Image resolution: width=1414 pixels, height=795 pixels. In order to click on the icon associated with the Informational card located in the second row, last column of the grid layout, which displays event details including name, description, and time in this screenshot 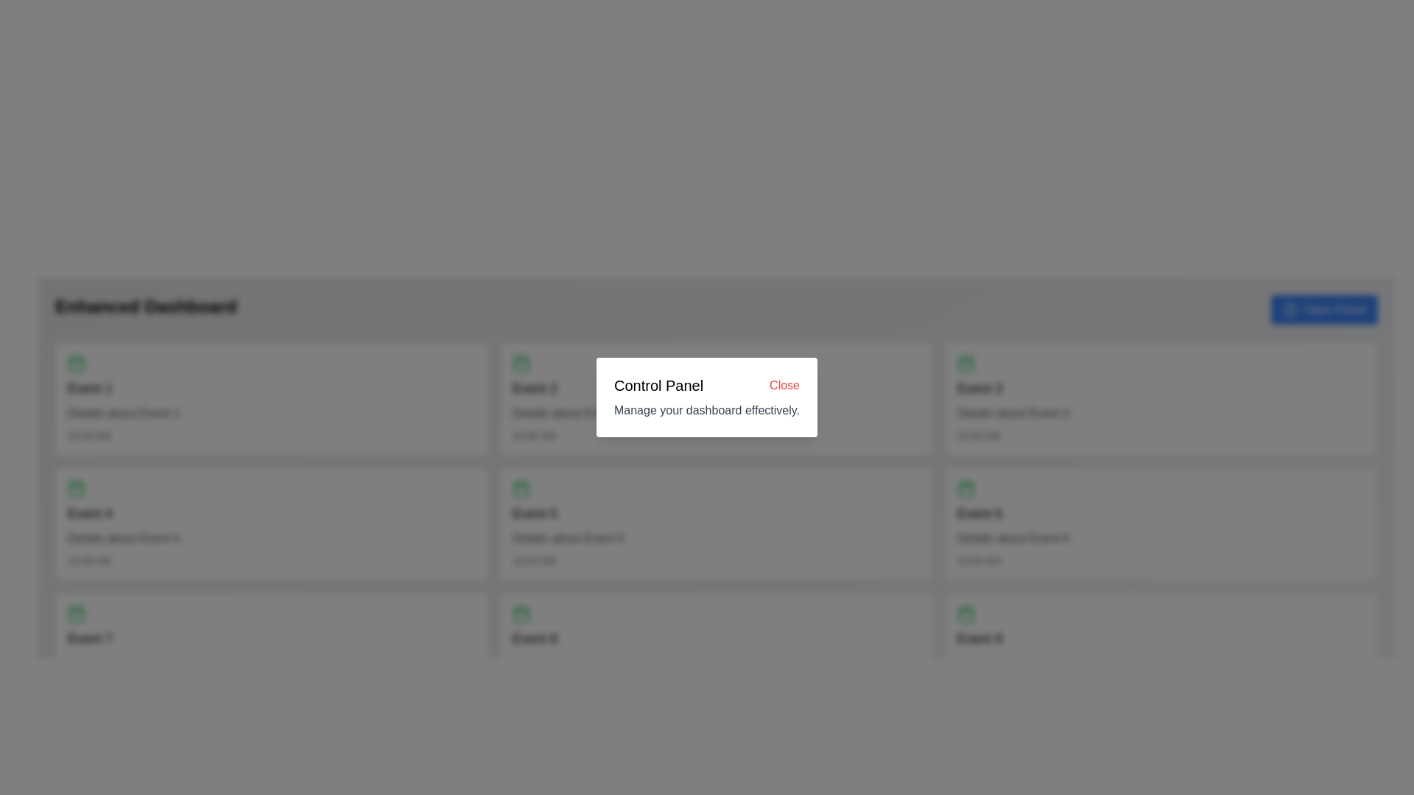, I will do `click(1161, 523)`.